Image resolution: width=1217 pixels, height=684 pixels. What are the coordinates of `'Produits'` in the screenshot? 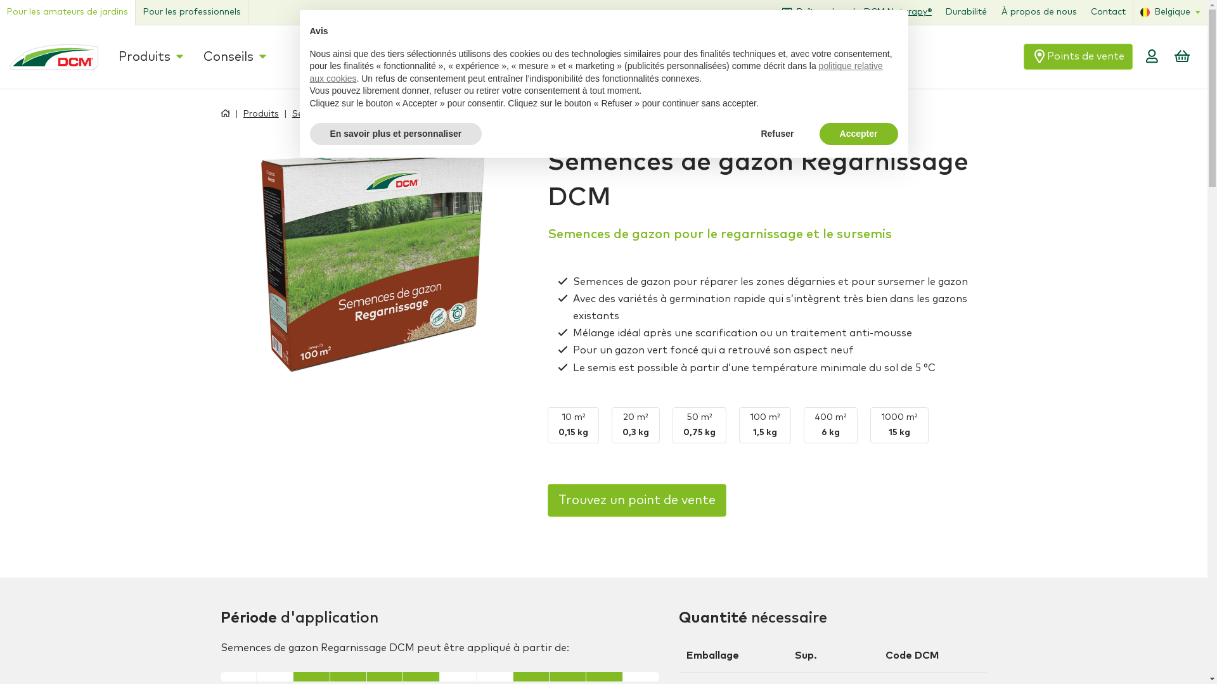 It's located at (146, 56).